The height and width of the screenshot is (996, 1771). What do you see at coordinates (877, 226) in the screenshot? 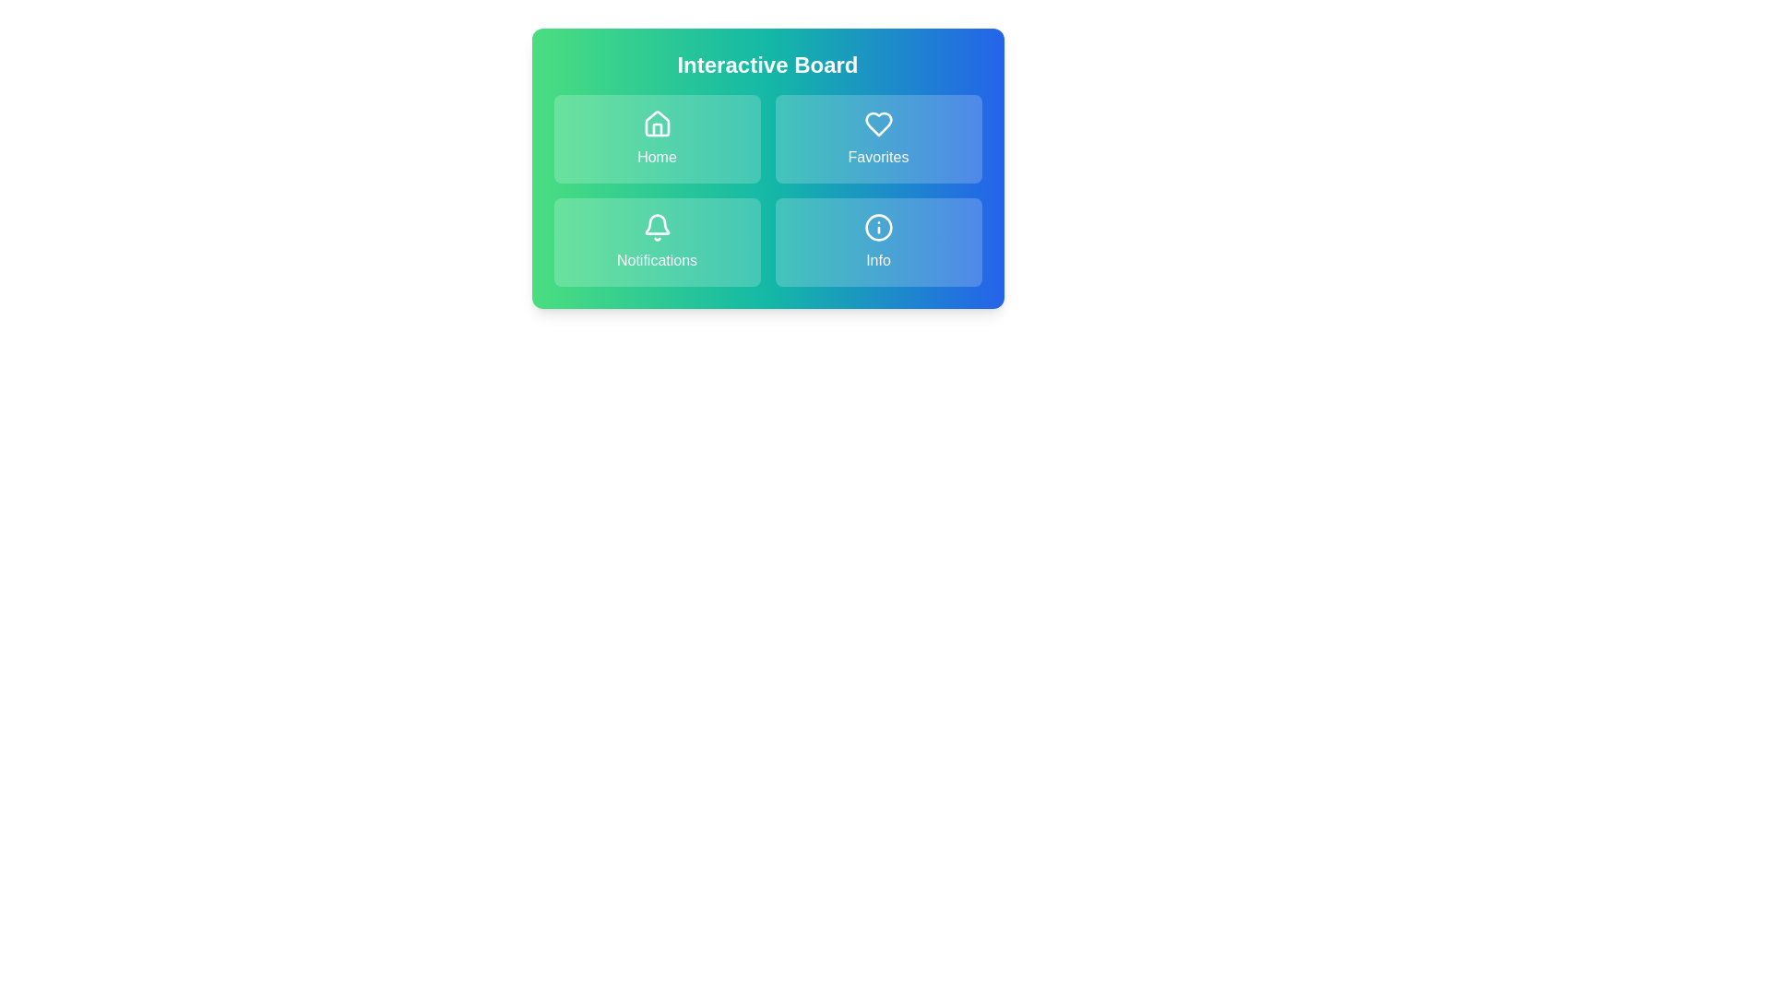
I see `the information icon located in the bottom-right corner of the 2x2 grid within the 'Interactive Board' card` at bounding box center [877, 226].